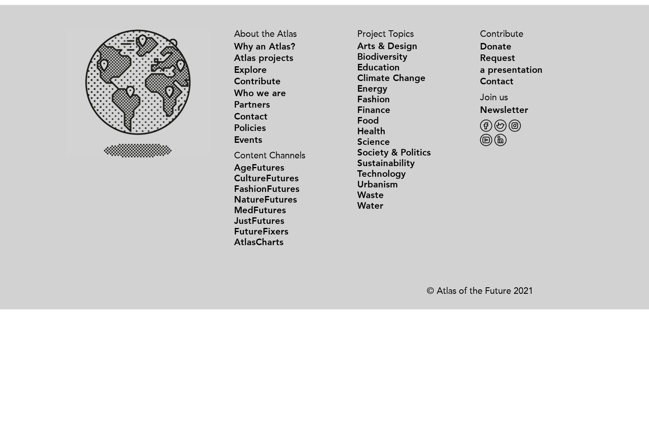 The height and width of the screenshot is (435, 649). I want to click on 'FashionFutures', so click(267, 189).